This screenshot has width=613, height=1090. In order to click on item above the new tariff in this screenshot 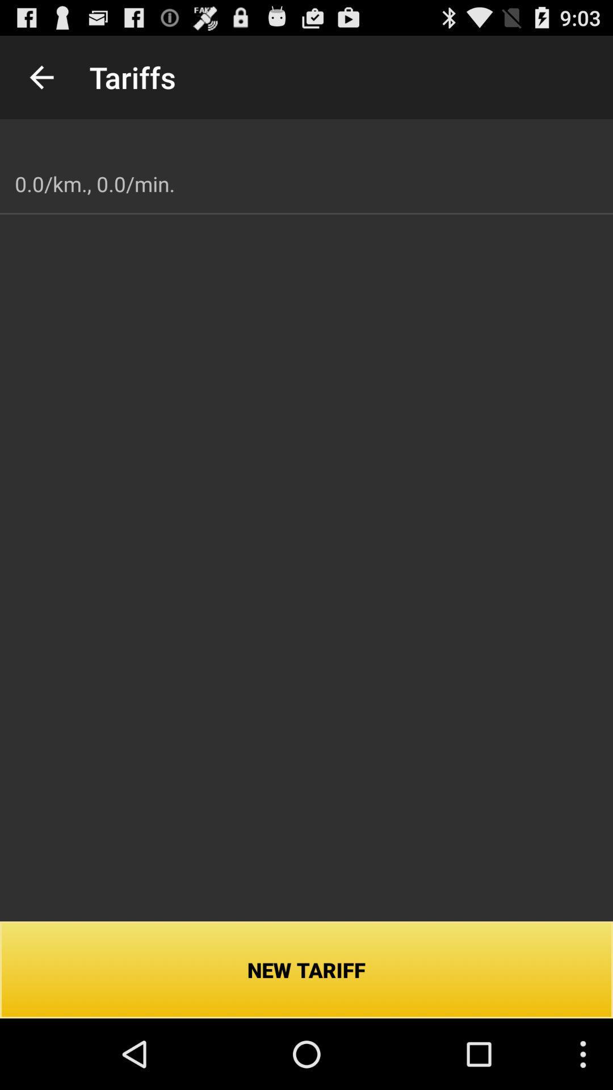, I will do `click(94, 184)`.